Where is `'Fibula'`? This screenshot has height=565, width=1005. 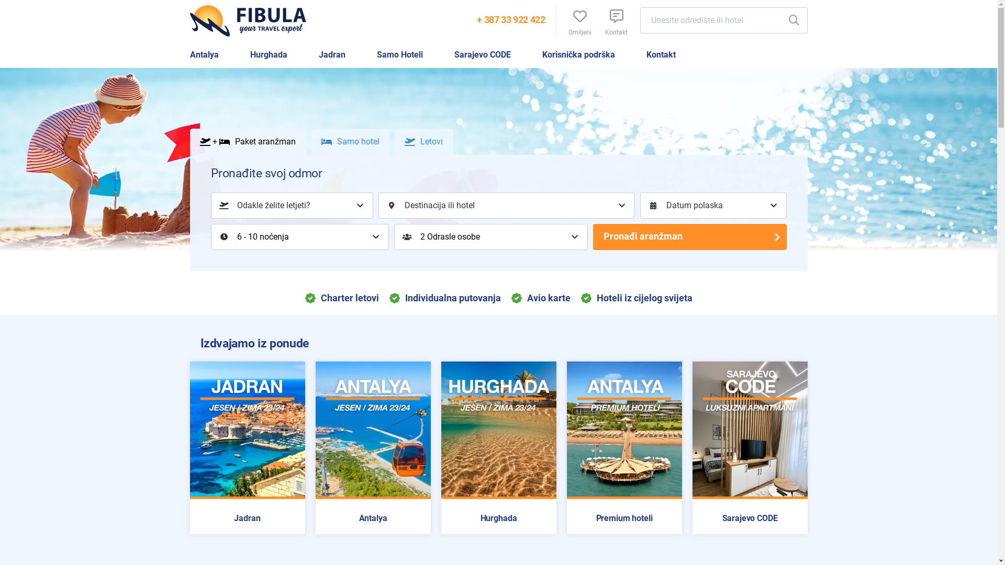 'Fibula' is located at coordinates (252, 20).